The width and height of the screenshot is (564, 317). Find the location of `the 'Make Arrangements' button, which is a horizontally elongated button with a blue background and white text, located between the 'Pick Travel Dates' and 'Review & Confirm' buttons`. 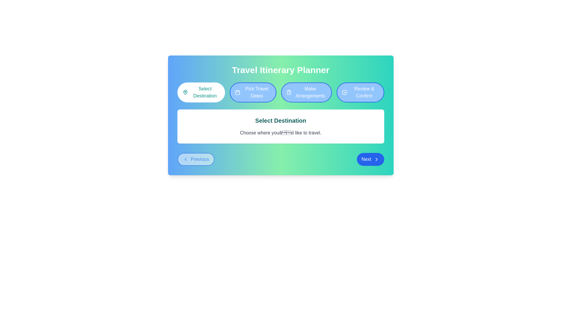

the 'Make Arrangements' button, which is a horizontally elongated button with a blue background and white text, located between the 'Pick Travel Dates' and 'Review & Confirm' buttons is located at coordinates (306, 92).